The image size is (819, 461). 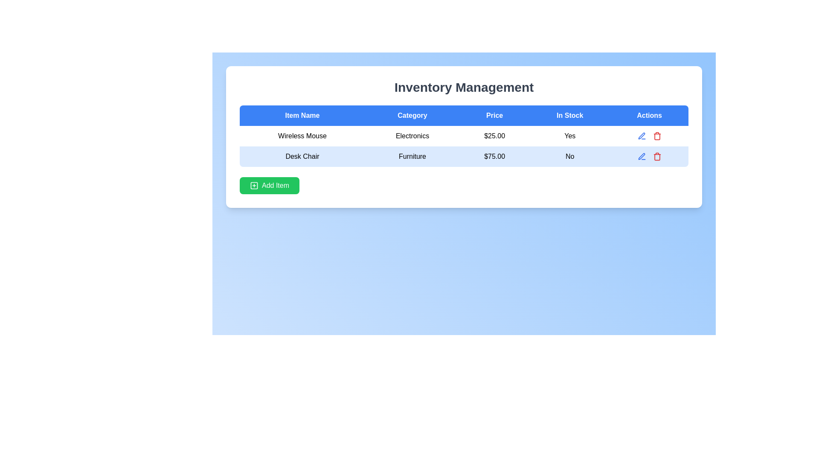 I want to click on the static label indicating that the 'Desk Chair' is not currently in stock, which is located in the fourth column of the second row under the 'In Stock' heading, so click(x=570, y=156).